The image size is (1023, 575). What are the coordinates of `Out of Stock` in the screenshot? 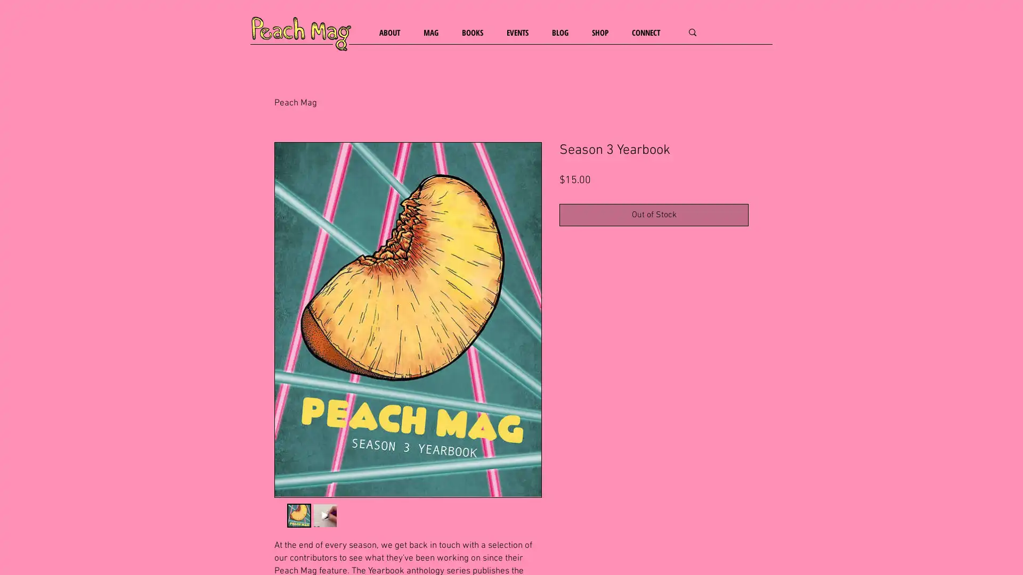 It's located at (653, 214).